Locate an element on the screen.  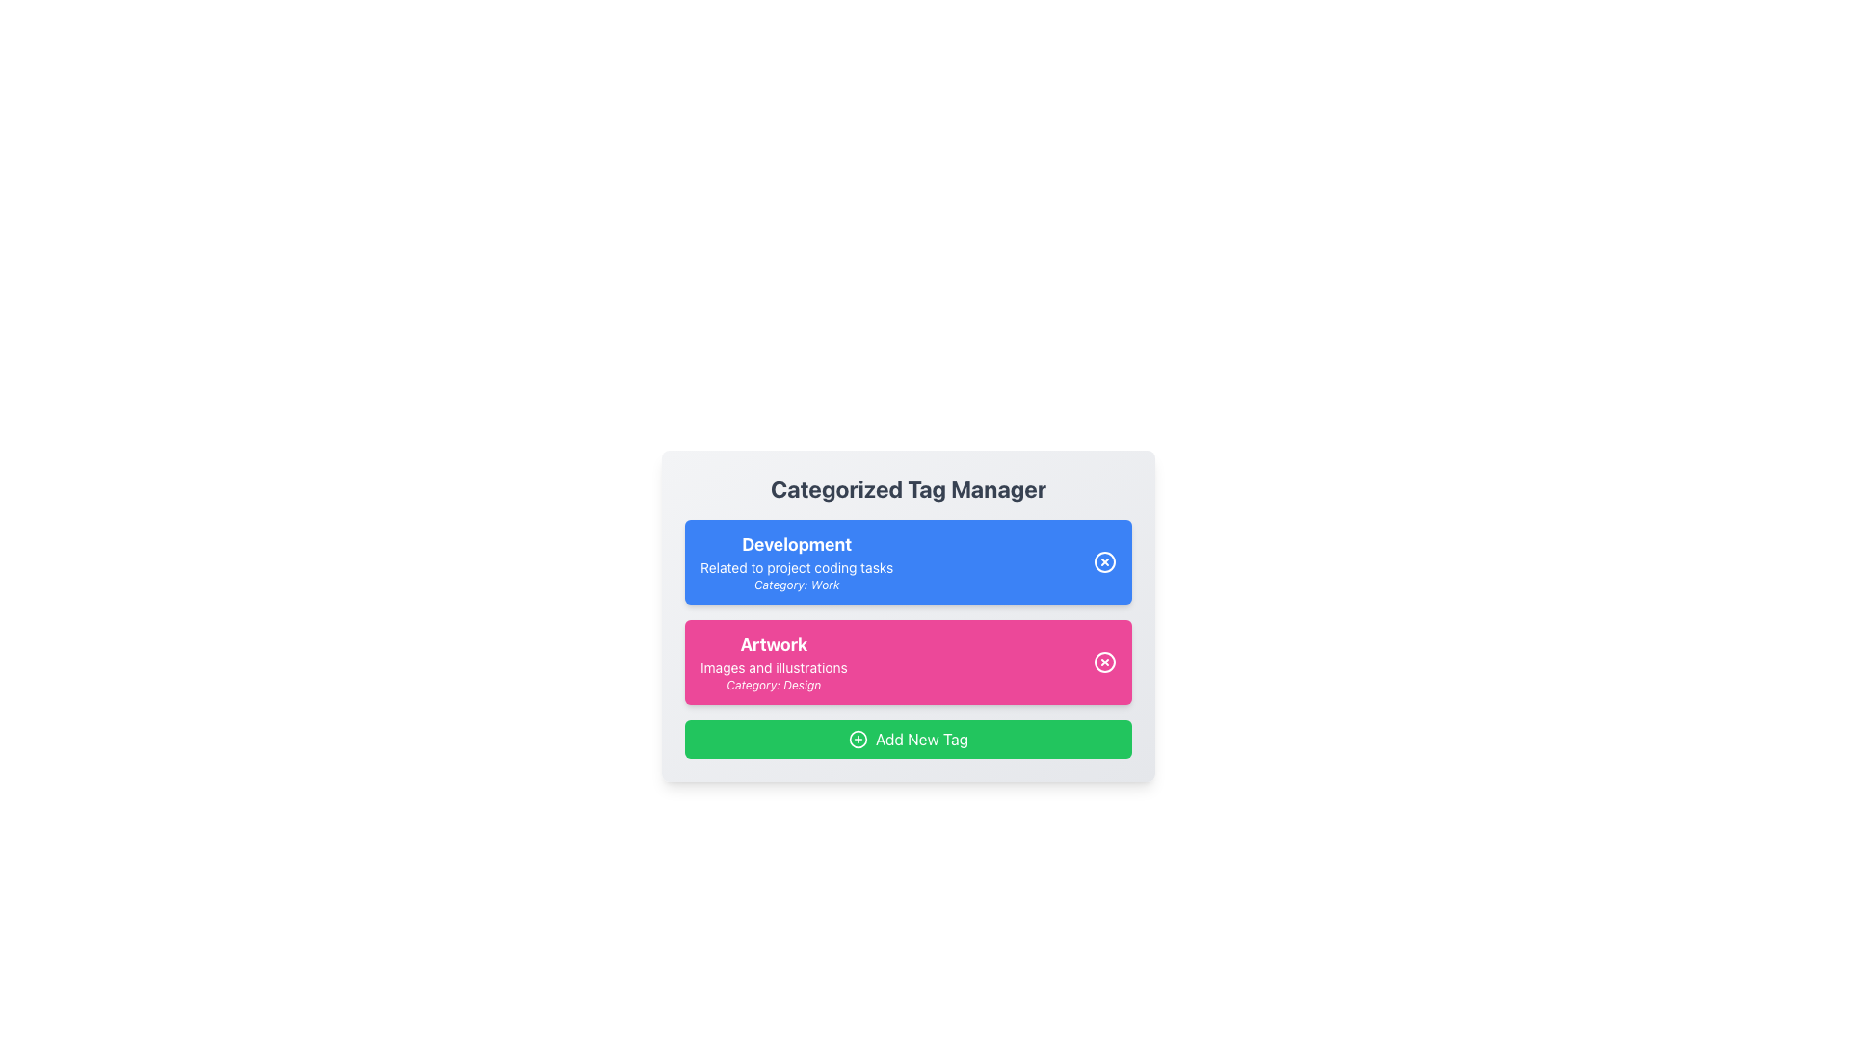
the prominent circular graphic within the 'Add New Tag' button area is located at coordinates (858, 738).